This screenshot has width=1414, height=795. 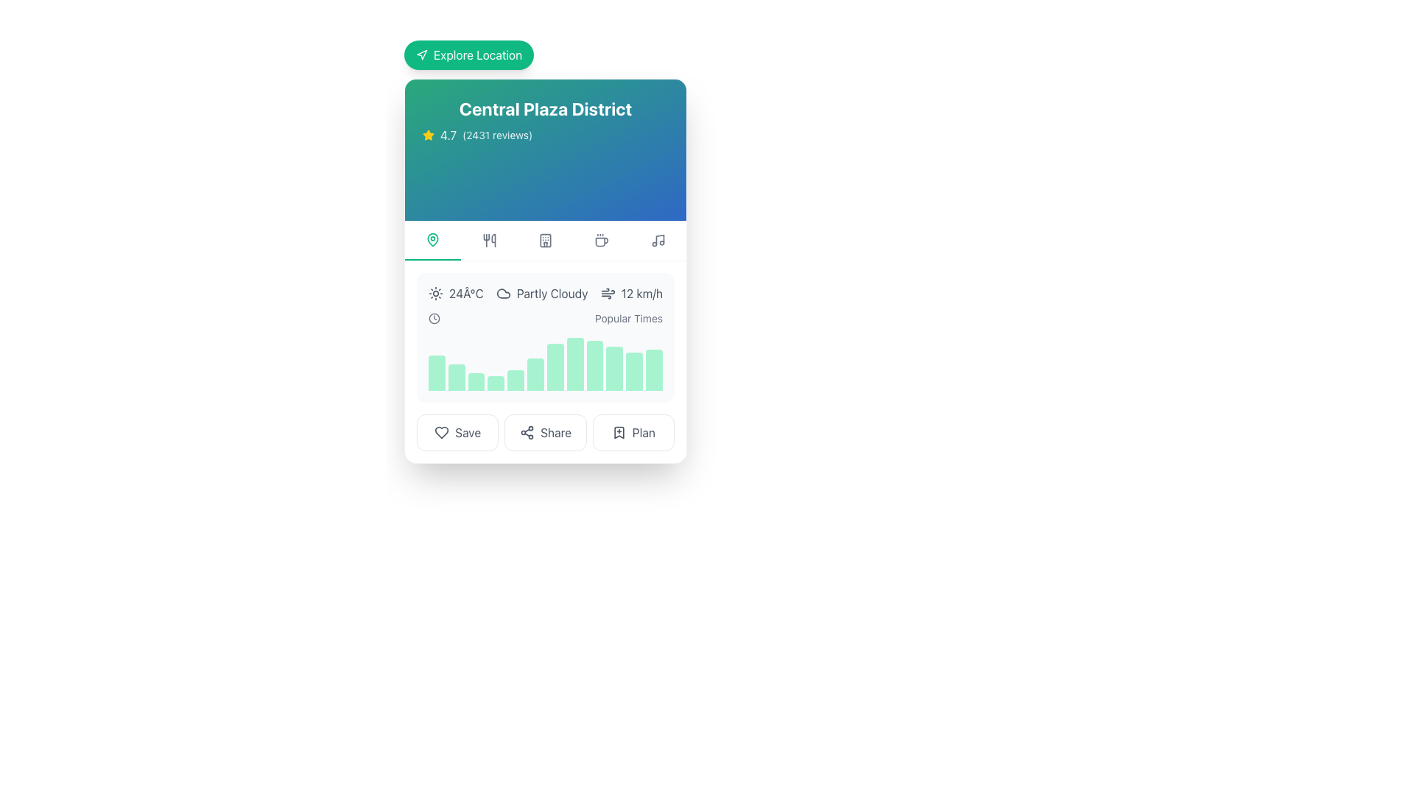 What do you see at coordinates (544, 150) in the screenshot?
I see `the Informational banner displaying 'Central Plaza District' and '4.7 (2431 reviews)' to note the place's name` at bounding box center [544, 150].